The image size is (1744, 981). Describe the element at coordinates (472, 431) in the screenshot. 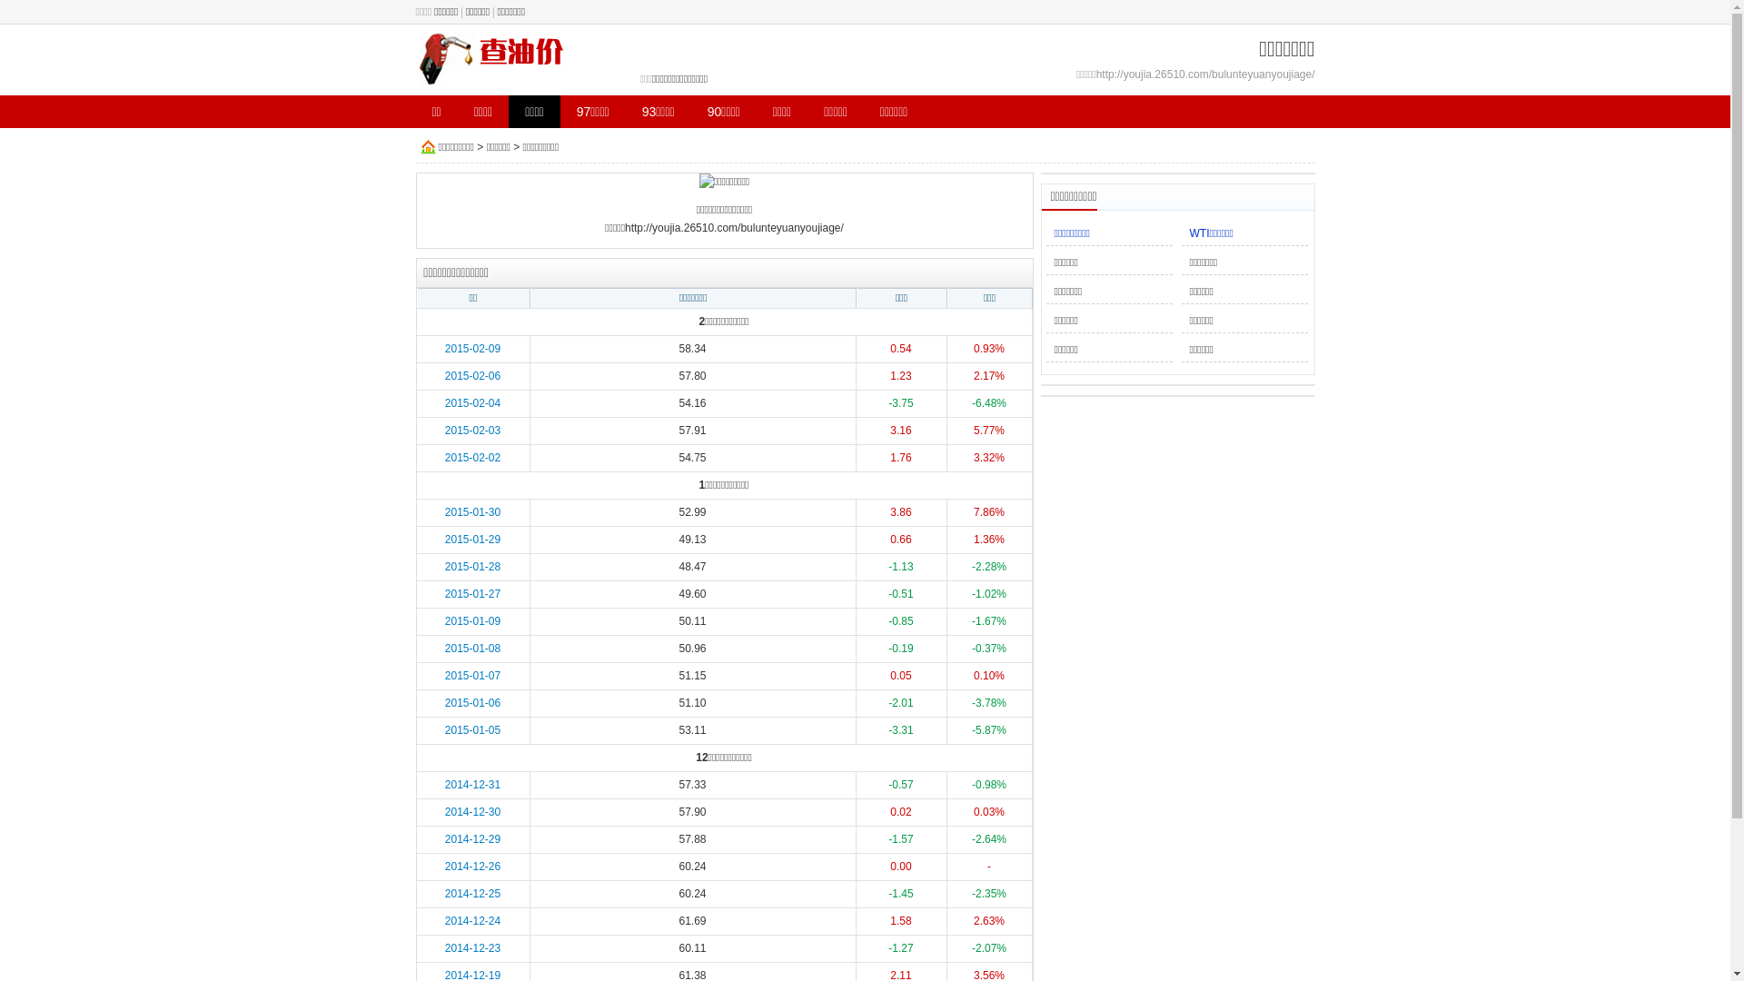

I see `'2015-02-03'` at that location.